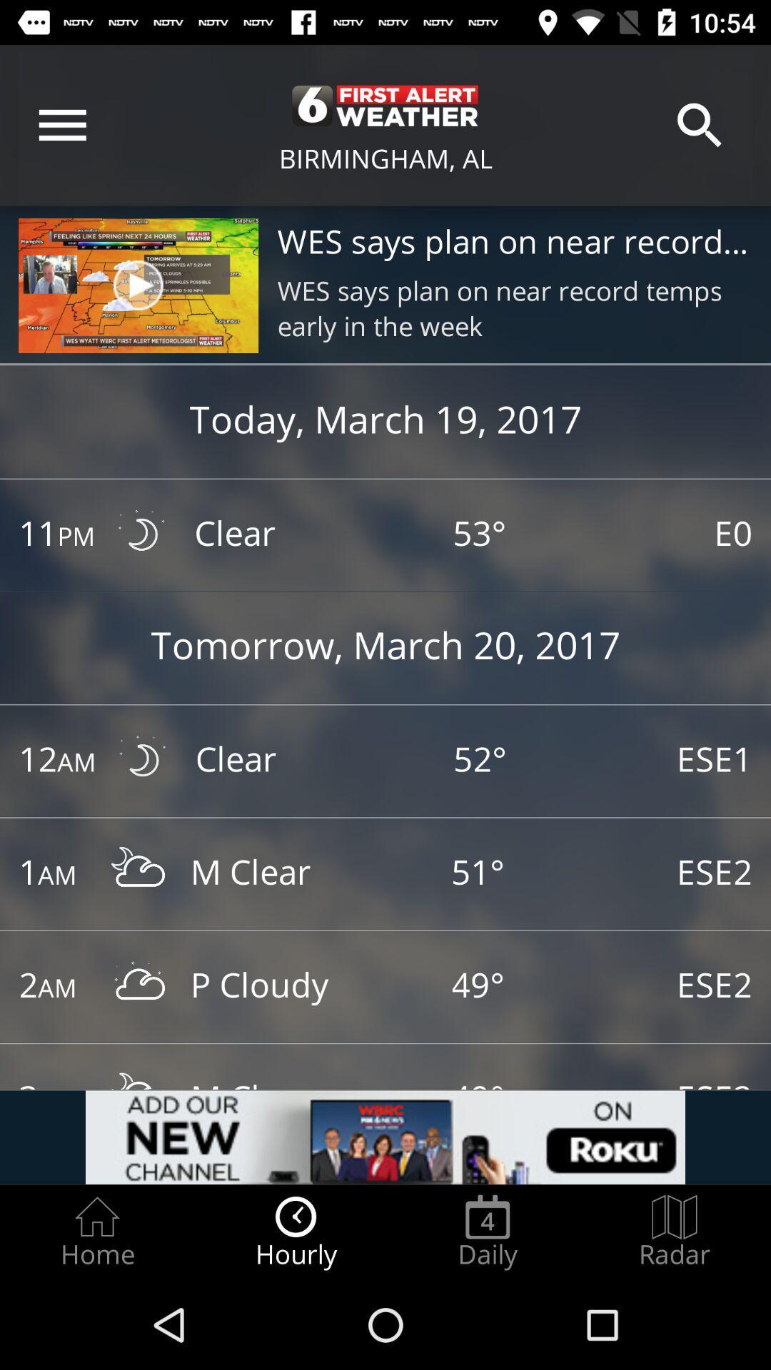  Describe the element at coordinates (675, 1232) in the screenshot. I see `the radio button next to daily radio button` at that location.